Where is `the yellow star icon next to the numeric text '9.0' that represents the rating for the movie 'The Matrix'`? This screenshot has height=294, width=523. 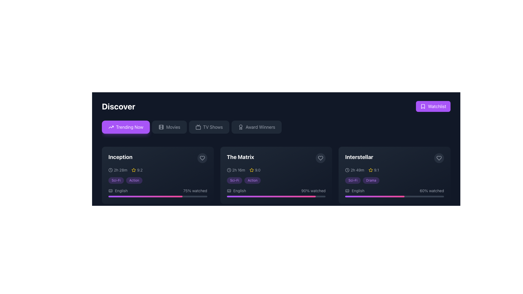 the yellow star icon next to the numeric text '9.0' that represents the rating for the movie 'The Matrix' is located at coordinates (251, 170).